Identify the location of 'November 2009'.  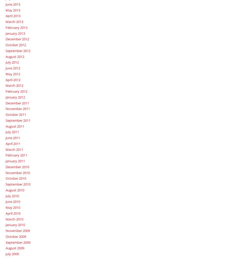
(5, 231).